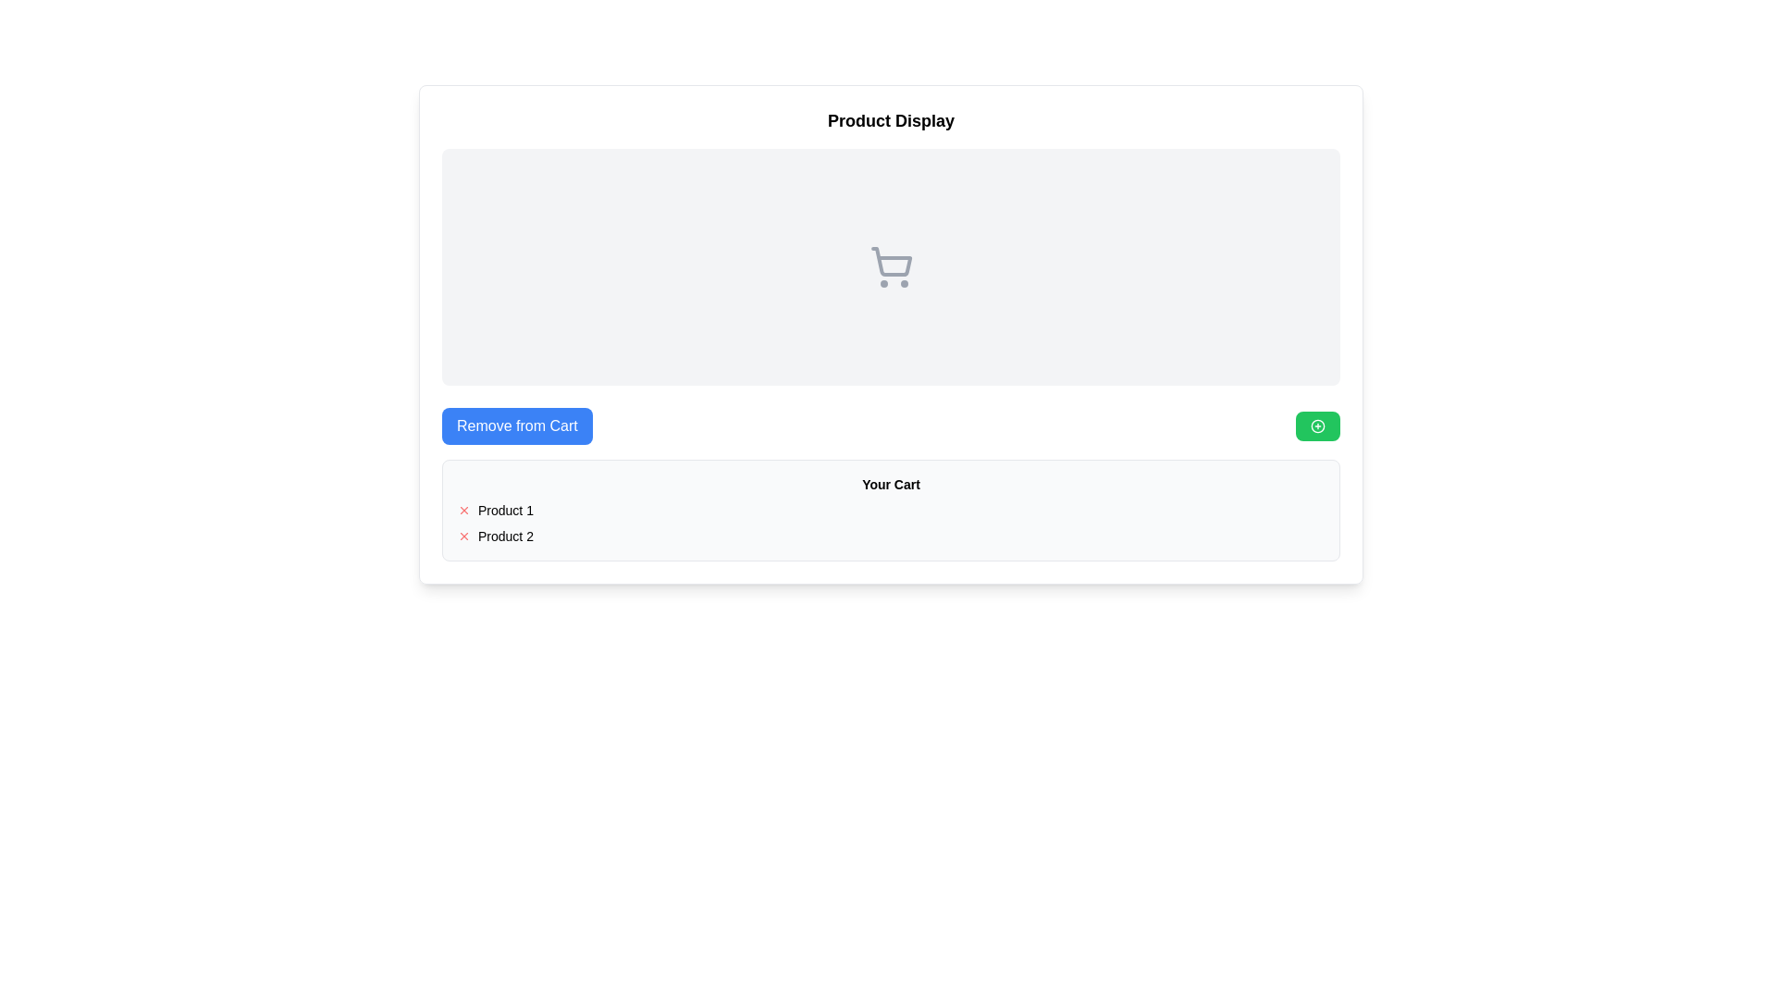  Describe the element at coordinates (1317, 426) in the screenshot. I see `the small circular green icon with a plus symbol embedded in the button located in the bottom-right section of the interface` at that location.